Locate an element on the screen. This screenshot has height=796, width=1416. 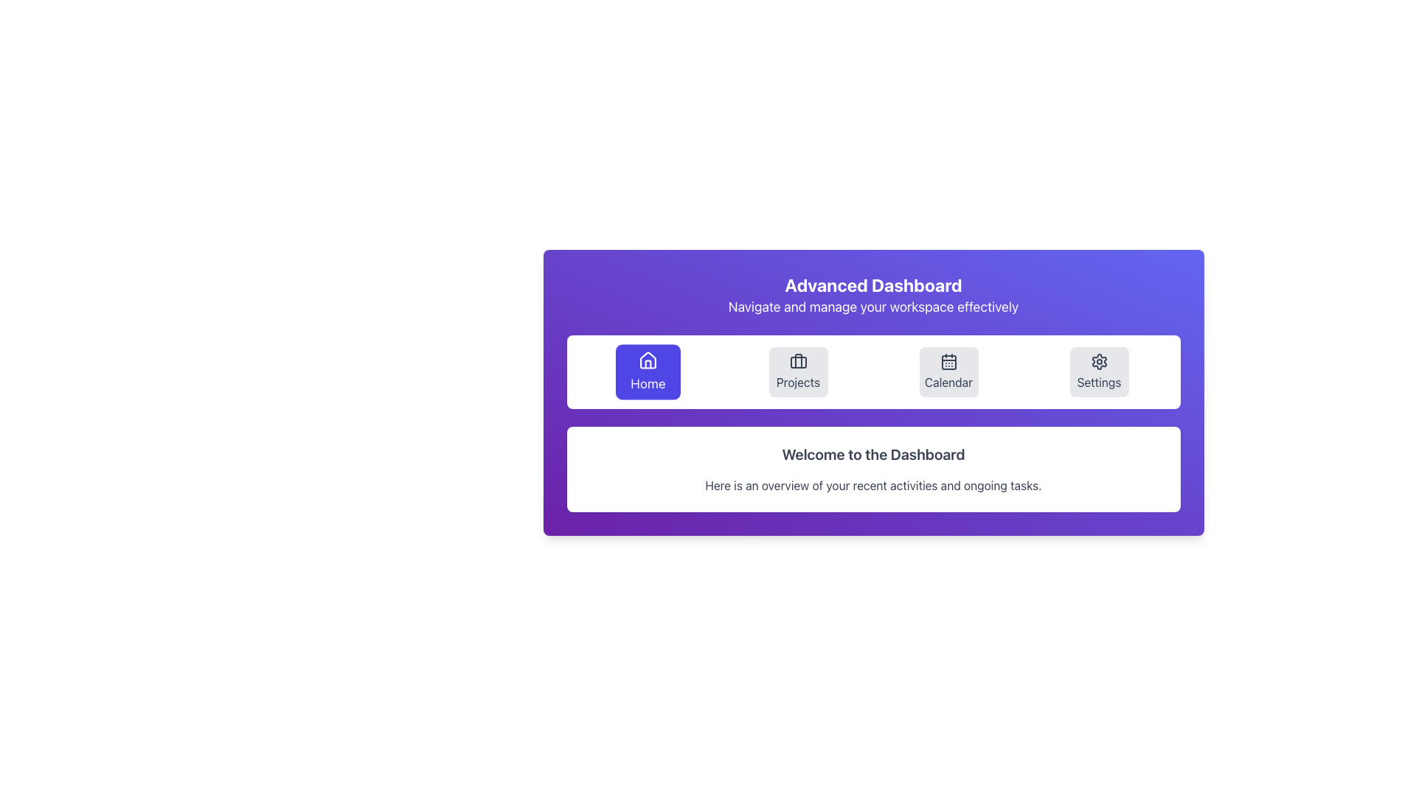
the briefcase-shaped icon located within the 'Projects' button in the horizontal toolbar under the 'Advanced Dashboard' heading is located at coordinates (797, 361).